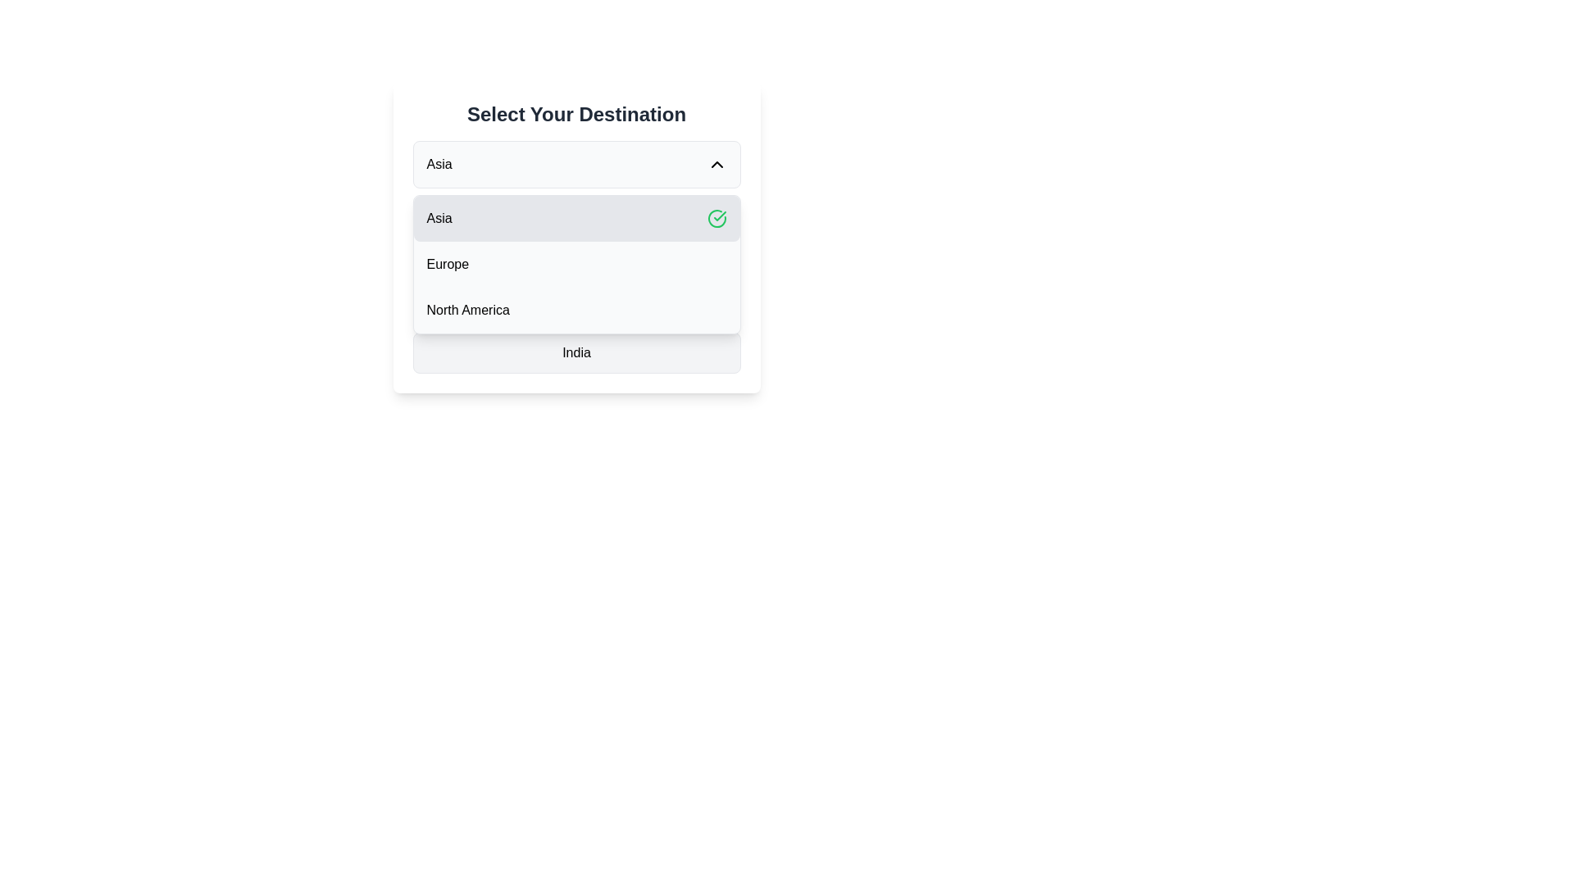 This screenshot has height=885, width=1574. Describe the element at coordinates (448, 264) in the screenshot. I see `the text label displaying 'Europe' in the dropdown menu` at that location.